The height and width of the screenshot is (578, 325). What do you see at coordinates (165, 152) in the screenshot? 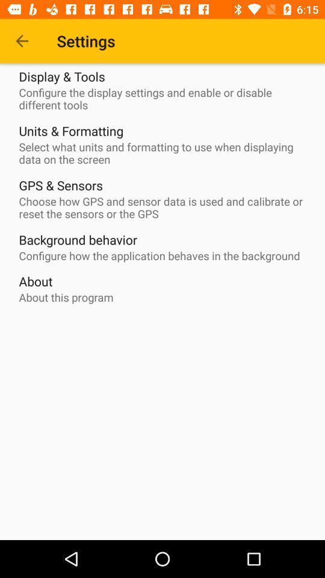
I see `the item below units & formatting` at bounding box center [165, 152].